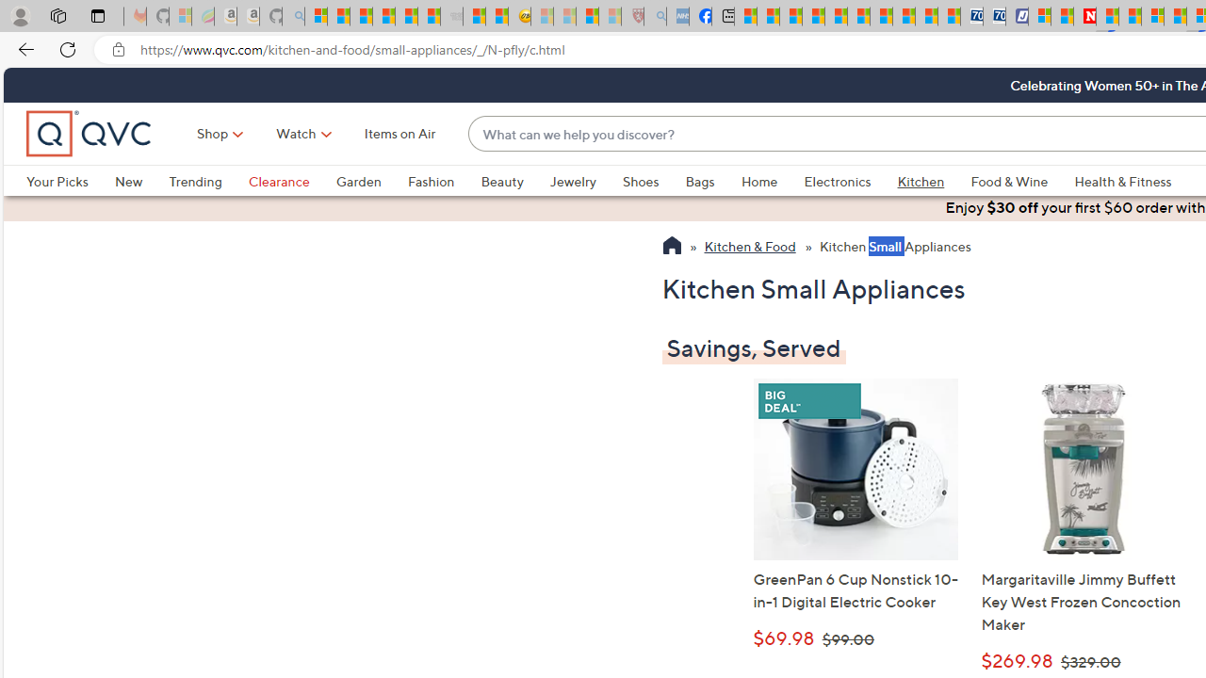 This screenshot has height=678, width=1206. I want to click on 'Trending', so click(195, 181).